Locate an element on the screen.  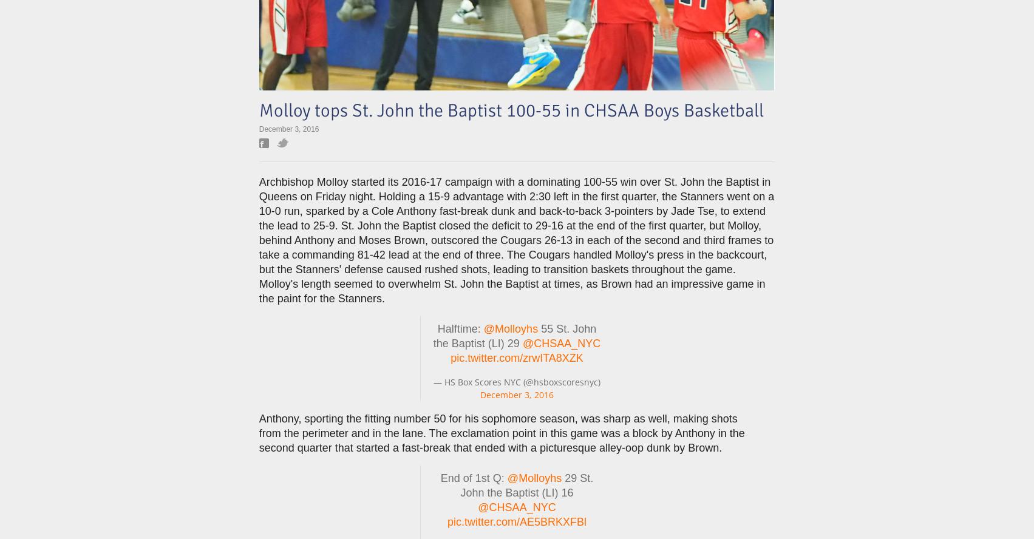
'29 St. John the Baptist (LI) 16' is located at coordinates (526, 485).